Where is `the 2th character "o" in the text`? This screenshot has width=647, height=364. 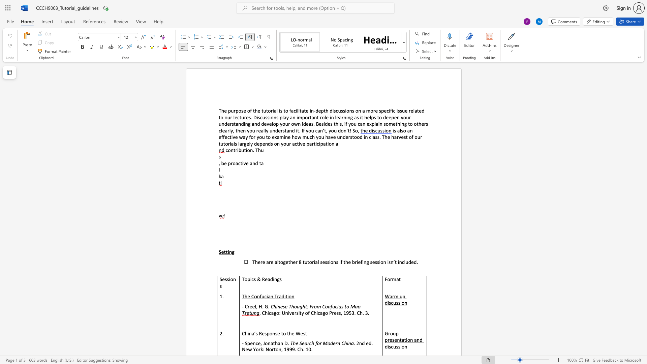 the 2th character "o" in the text is located at coordinates (310, 262).